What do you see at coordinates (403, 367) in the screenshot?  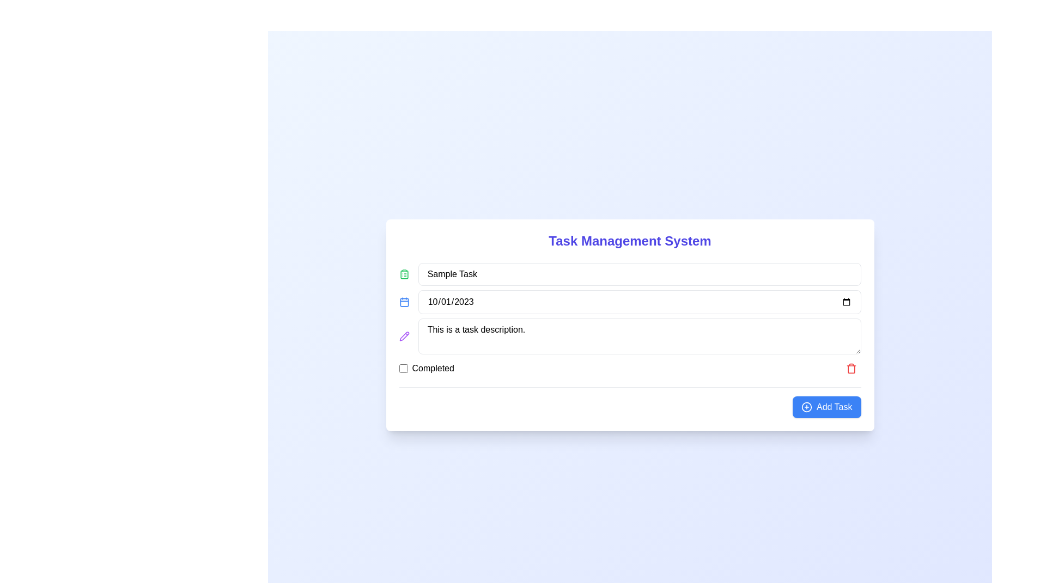 I see `the checkbox that allows users to mark a task as completed` at bounding box center [403, 367].